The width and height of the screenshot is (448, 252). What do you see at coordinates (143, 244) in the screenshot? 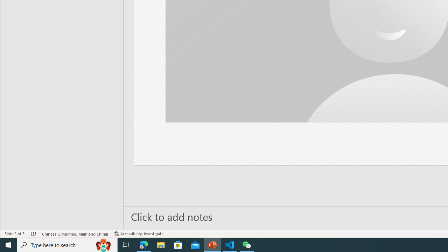
I see `'Microsoft Edge - 1 running window'` at bounding box center [143, 244].